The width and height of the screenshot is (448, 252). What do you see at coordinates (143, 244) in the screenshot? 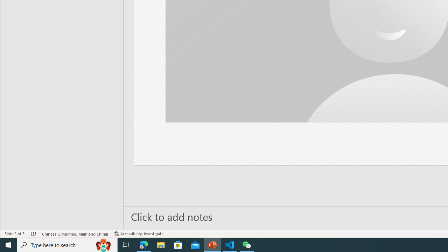
I see `'Microsoft Edge - 1 running window'` at bounding box center [143, 244].